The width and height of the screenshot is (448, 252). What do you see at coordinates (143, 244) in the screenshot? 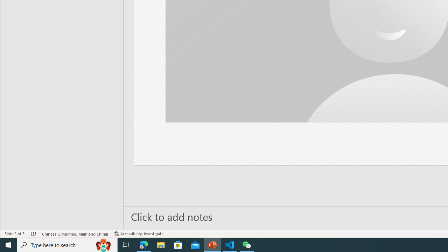
I see `'Microsoft Edge - 1 running window'` at bounding box center [143, 244].